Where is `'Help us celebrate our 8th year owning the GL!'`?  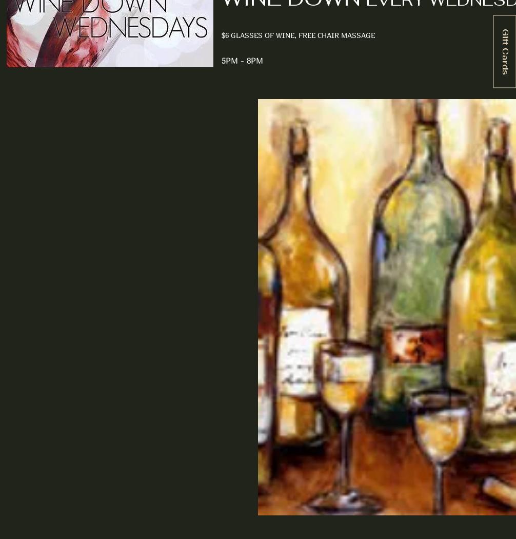 'Help us celebrate our 8th year owning the GL!' is located at coordinates (119, 238).